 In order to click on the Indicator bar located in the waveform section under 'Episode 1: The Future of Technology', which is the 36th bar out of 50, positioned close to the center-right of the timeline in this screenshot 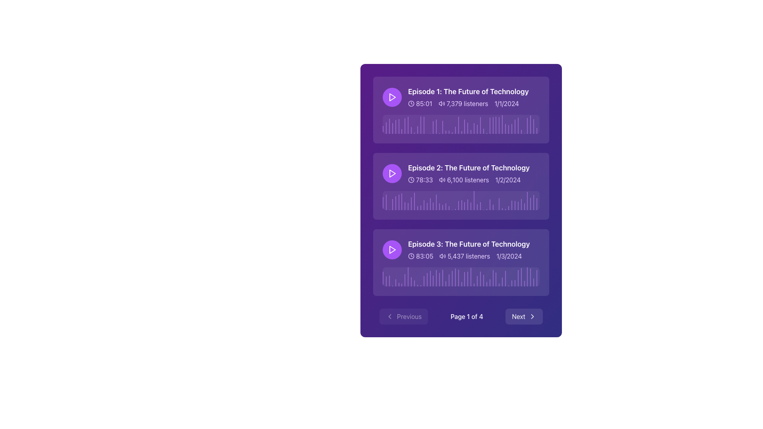, I will do `click(496, 125)`.